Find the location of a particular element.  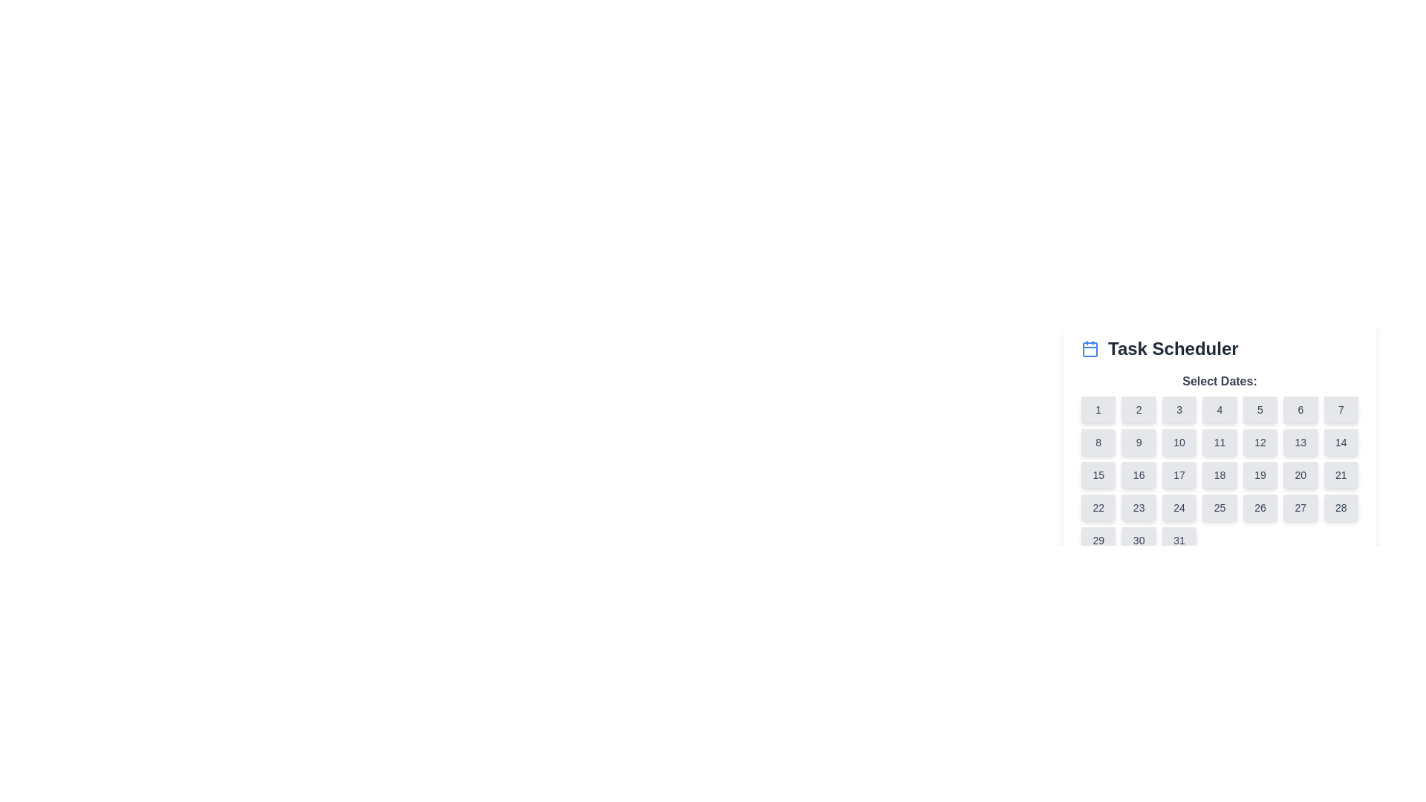

a specific date button in the Calendar Grid located centrally within the 'Task Scheduler' section is located at coordinates (1220, 496).